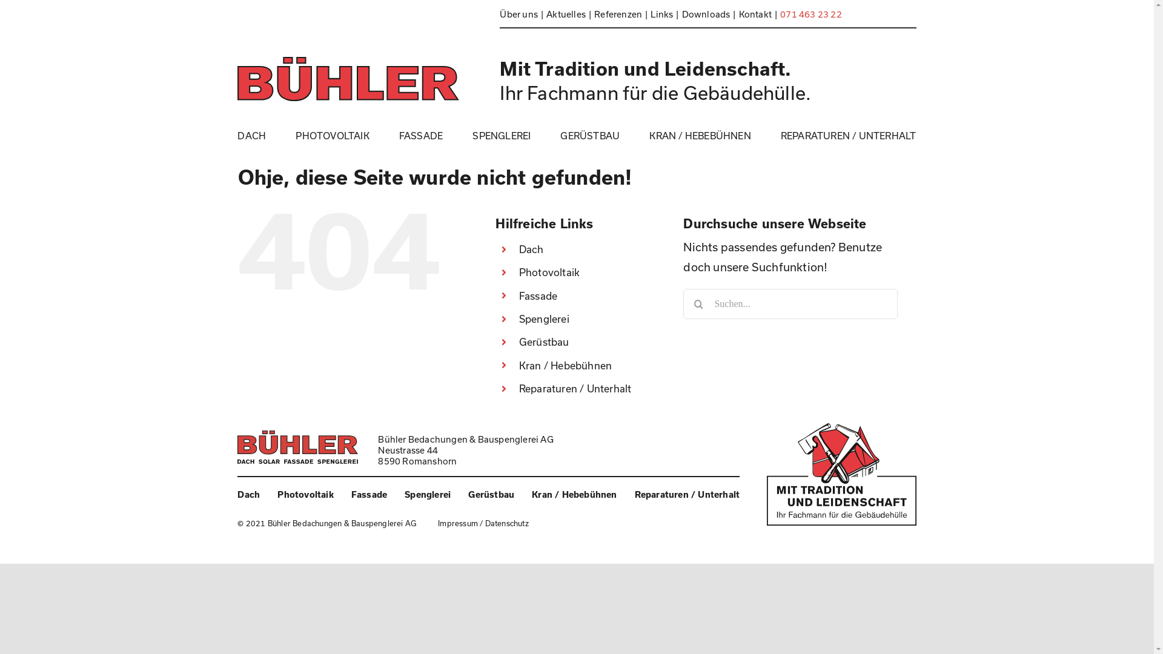 The height and width of the screenshot is (654, 1163). I want to click on 'Spenglerei', so click(404, 494).